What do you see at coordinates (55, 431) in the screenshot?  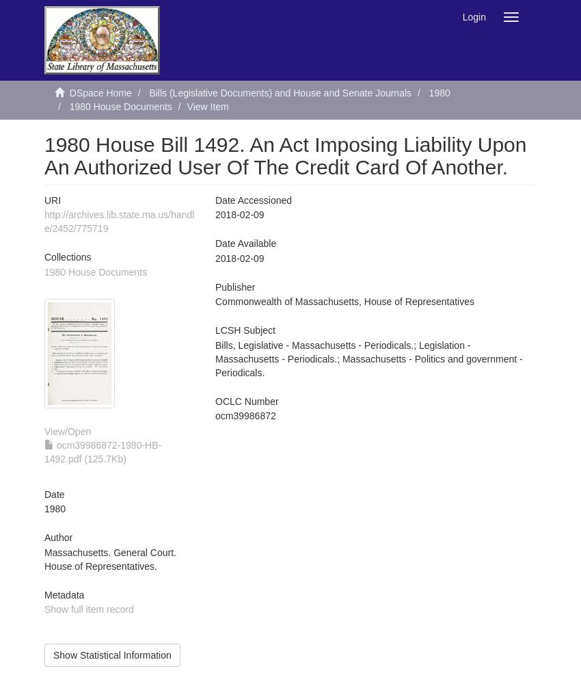 I see `'View/'` at bounding box center [55, 431].